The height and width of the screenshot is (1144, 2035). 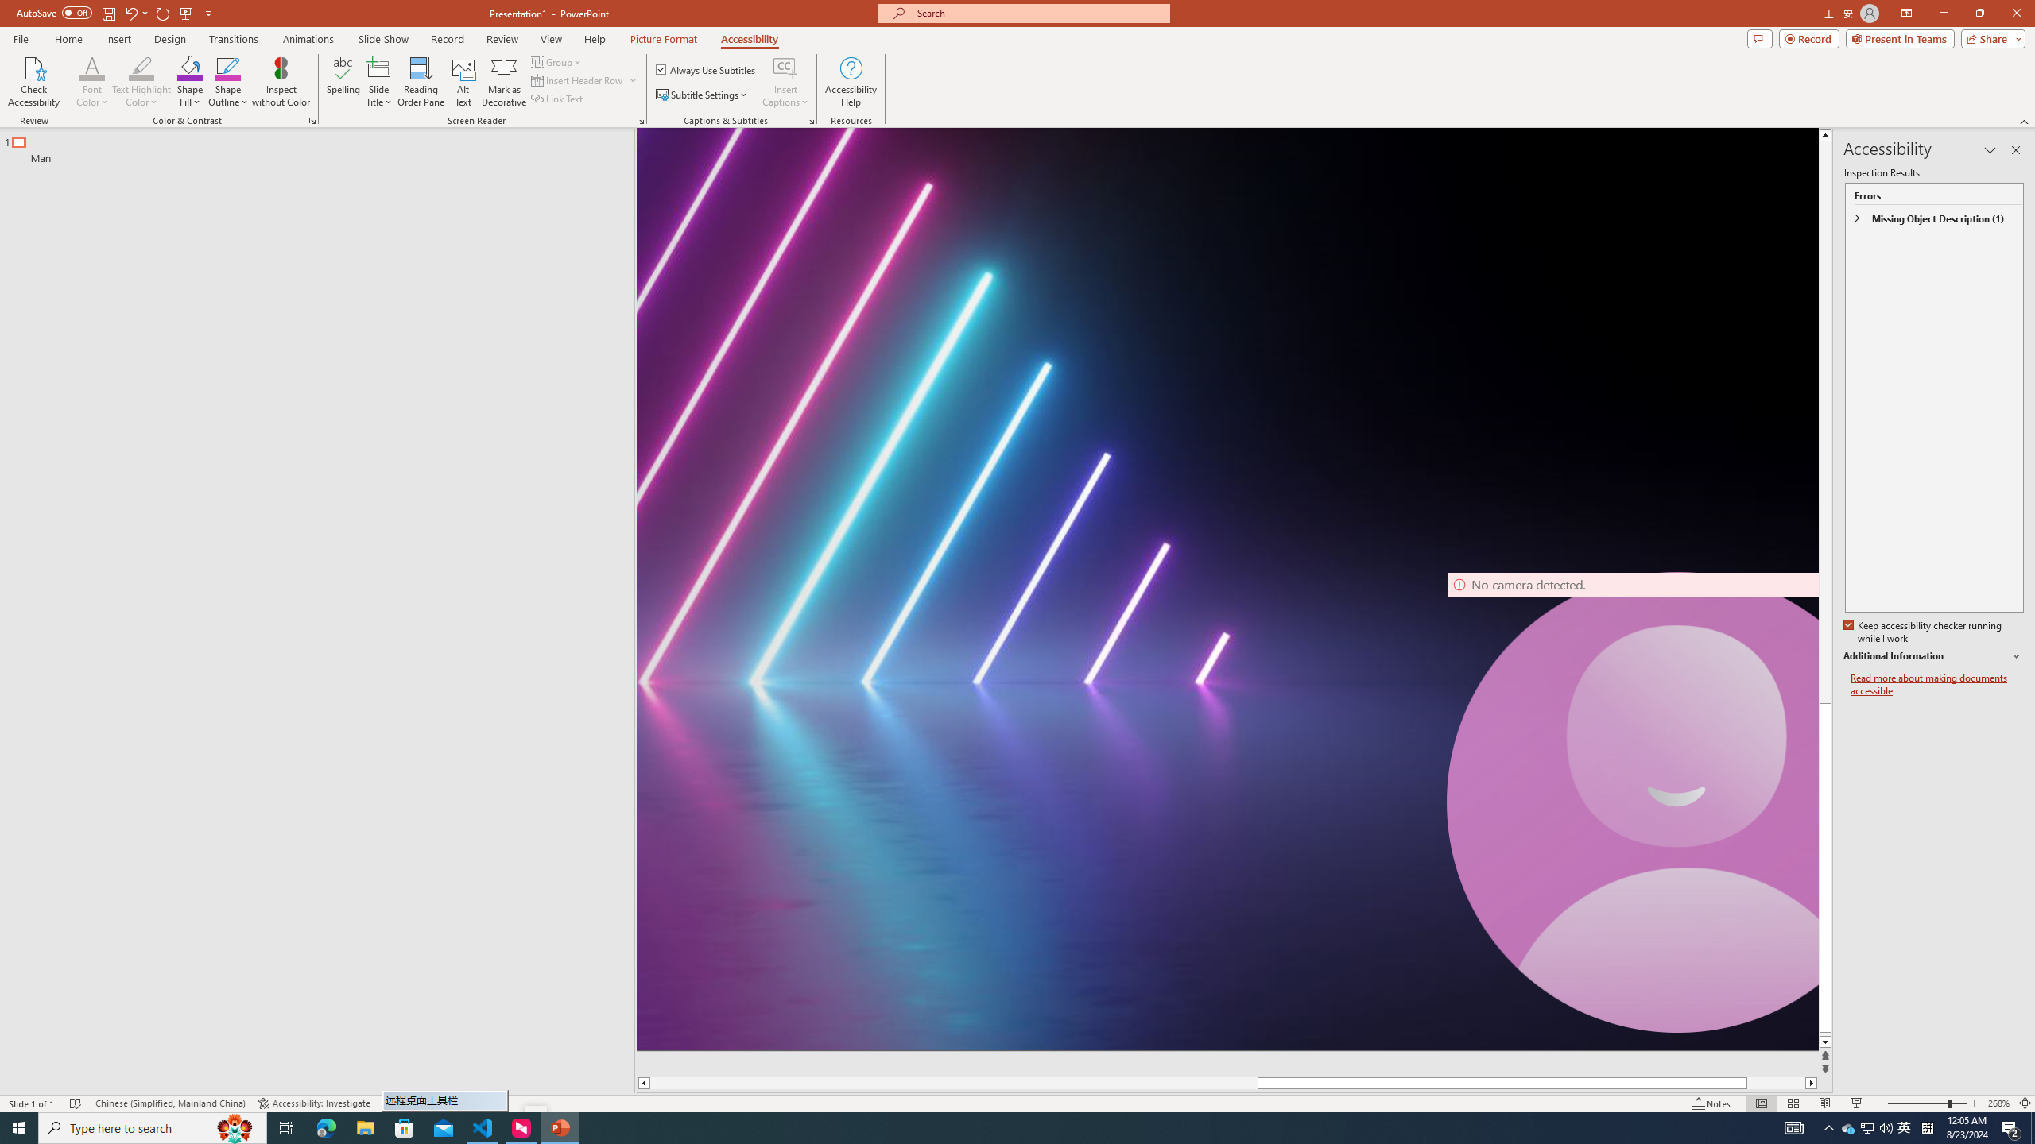 I want to click on 'Share', so click(x=1989, y=37).